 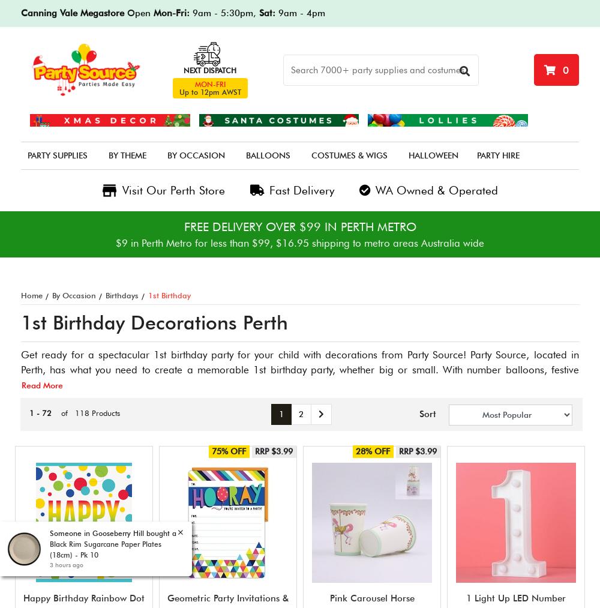 What do you see at coordinates (172, 12) in the screenshot?
I see `'Mon-Fri:'` at bounding box center [172, 12].